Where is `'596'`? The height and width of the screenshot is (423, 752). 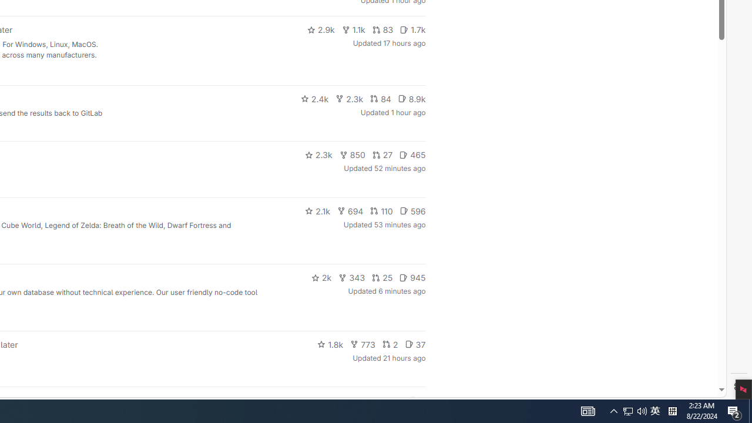
'596' is located at coordinates (412, 210).